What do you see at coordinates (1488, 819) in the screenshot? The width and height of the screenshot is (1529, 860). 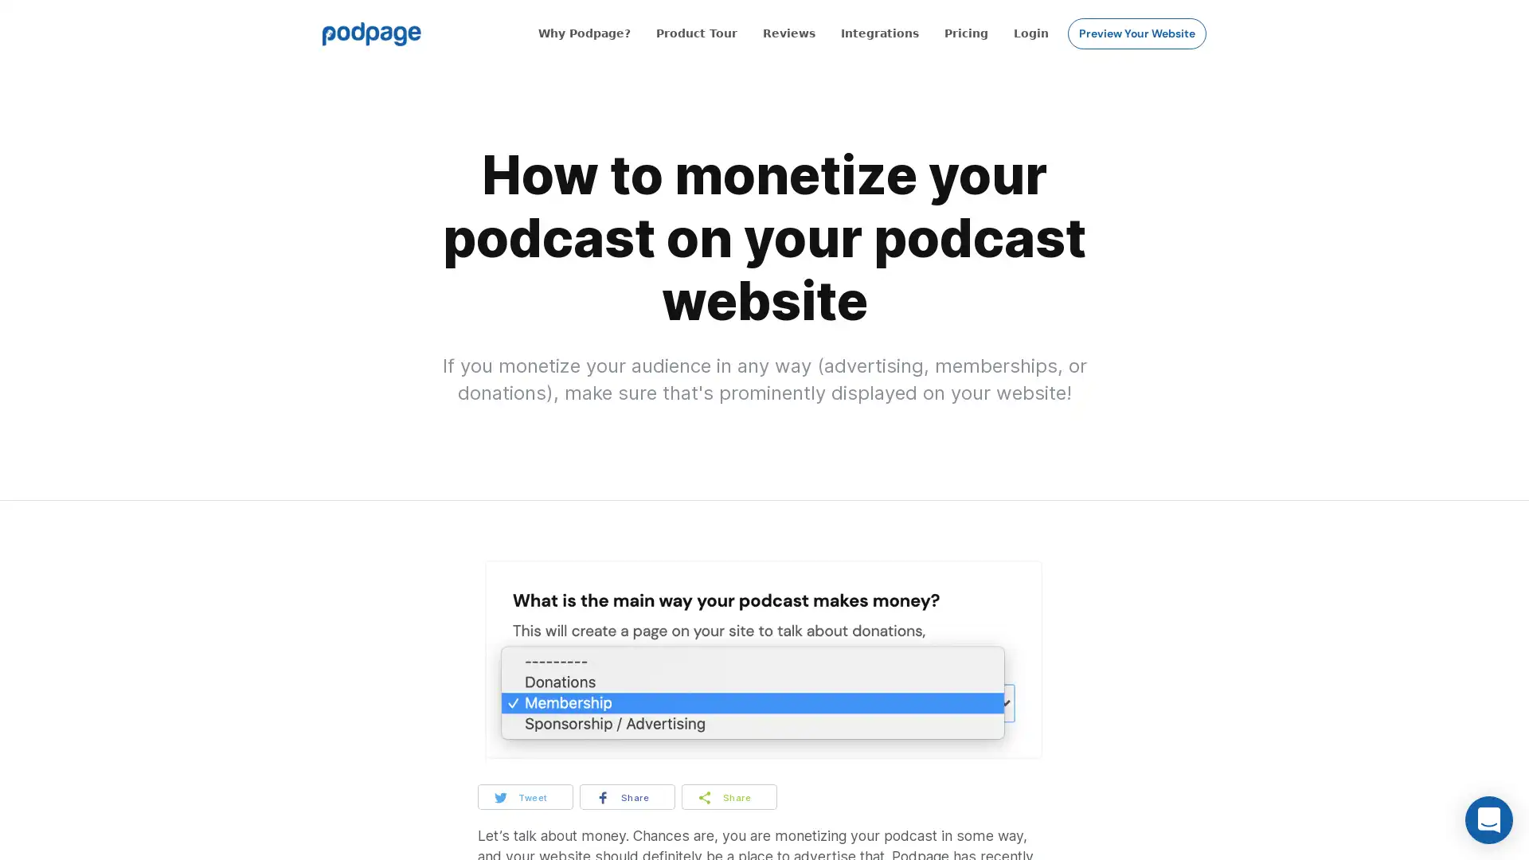 I see `Open Intercom Messenger` at bounding box center [1488, 819].